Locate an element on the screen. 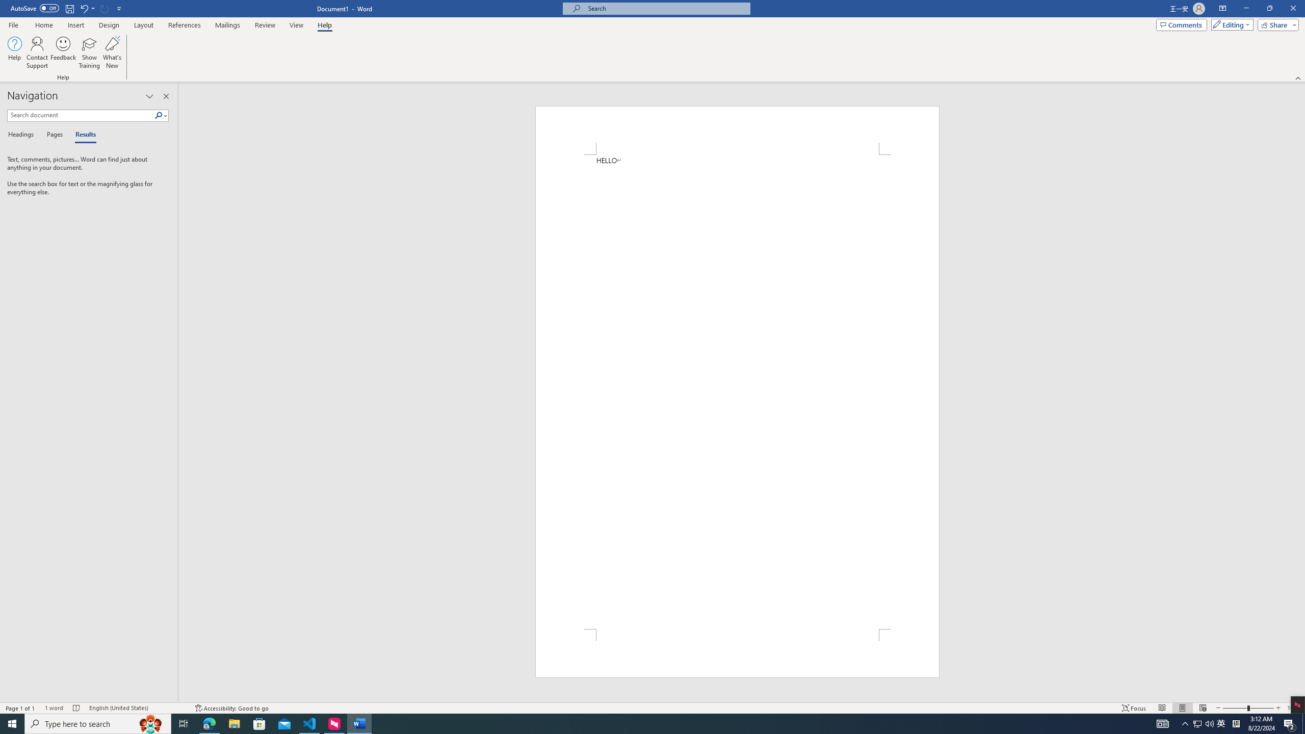  'Close pane' is located at coordinates (166, 96).